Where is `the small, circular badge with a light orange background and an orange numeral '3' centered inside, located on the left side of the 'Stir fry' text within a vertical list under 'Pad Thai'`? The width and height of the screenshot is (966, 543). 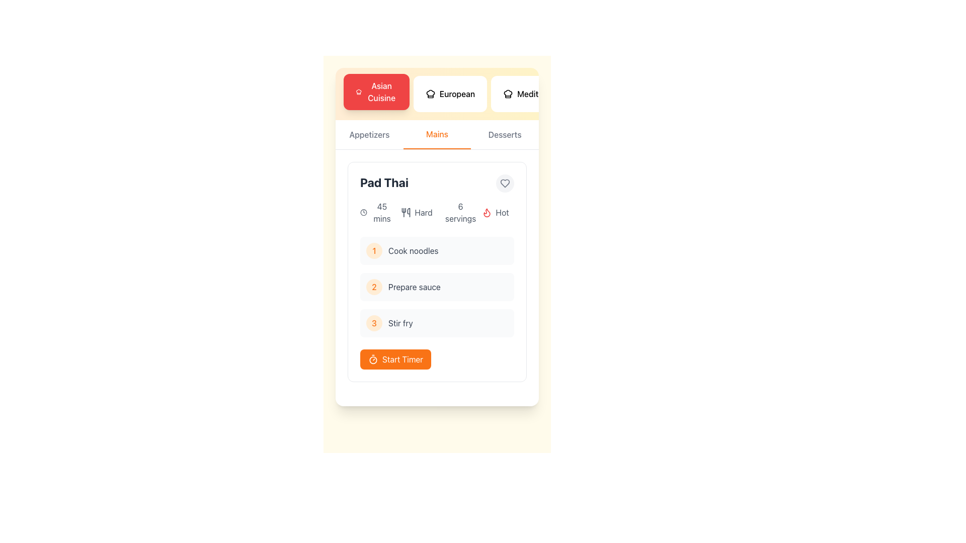 the small, circular badge with a light orange background and an orange numeral '3' centered inside, located on the left side of the 'Stir fry' text within a vertical list under 'Pad Thai' is located at coordinates (374, 323).